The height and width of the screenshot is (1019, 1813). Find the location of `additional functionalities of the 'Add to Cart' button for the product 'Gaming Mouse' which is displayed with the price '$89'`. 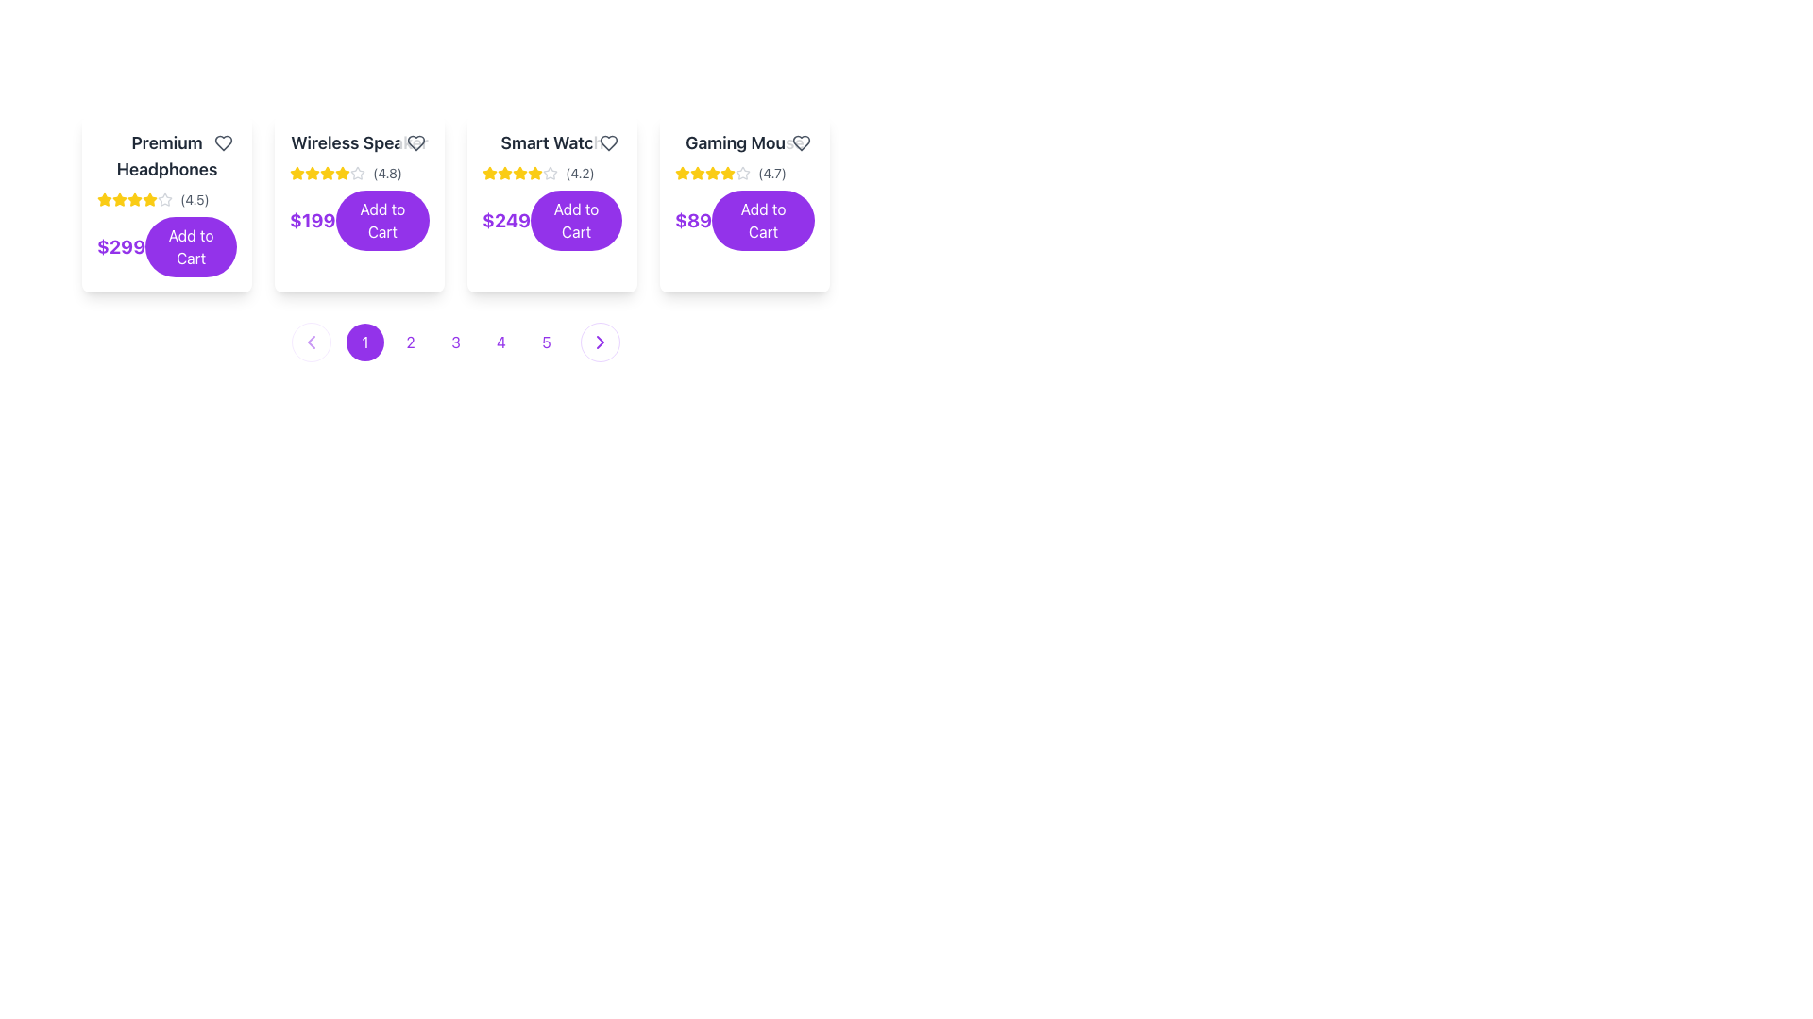

additional functionalities of the 'Add to Cart' button for the product 'Gaming Mouse' which is displayed with the price '$89' is located at coordinates (743, 220).